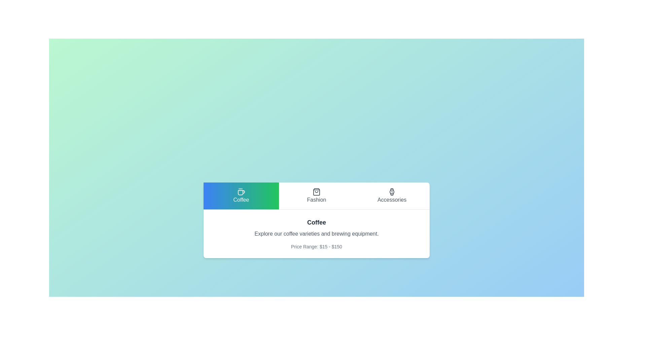 Image resolution: width=646 pixels, height=363 pixels. Describe the element at coordinates (241, 196) in the screenshot. I see `the Coffee tab` at that location.